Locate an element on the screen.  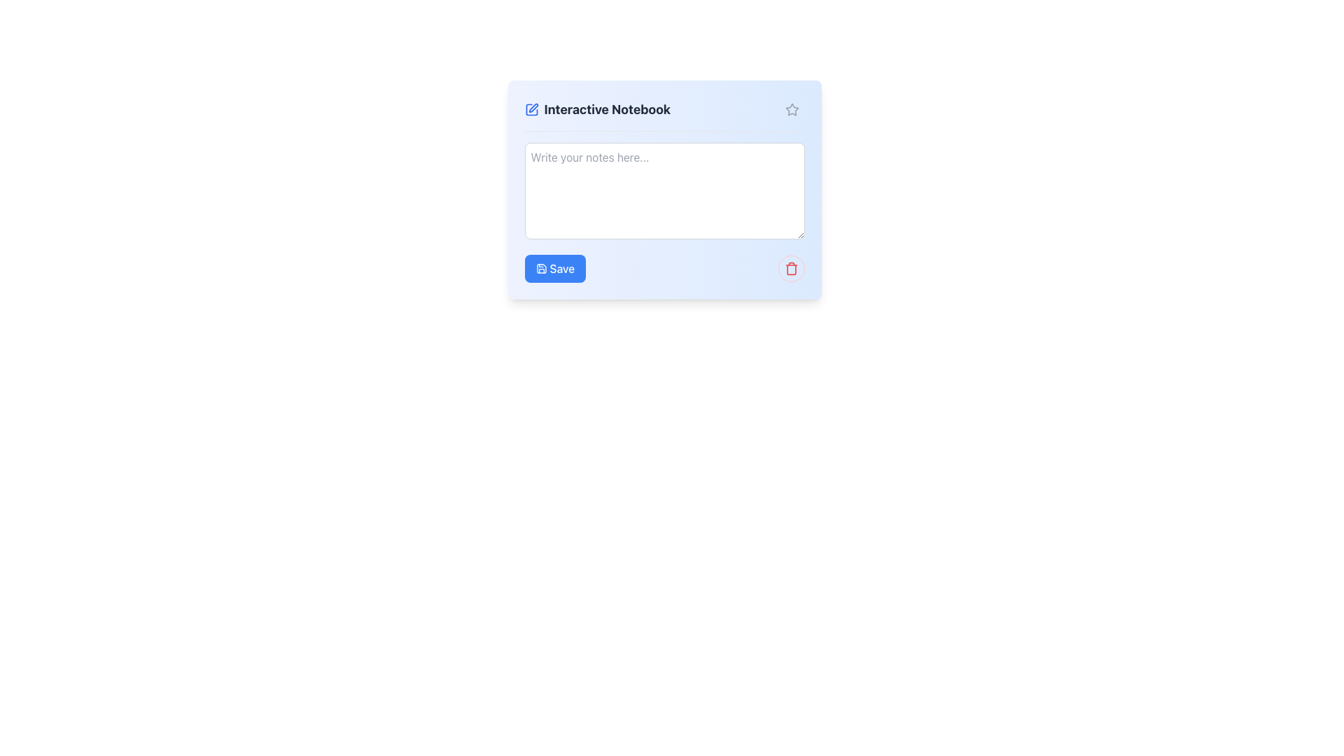
the icon located in the top-right corner of the interface, which serves as a visual marker for favorites or ratings is located at coordinates (792, 108).